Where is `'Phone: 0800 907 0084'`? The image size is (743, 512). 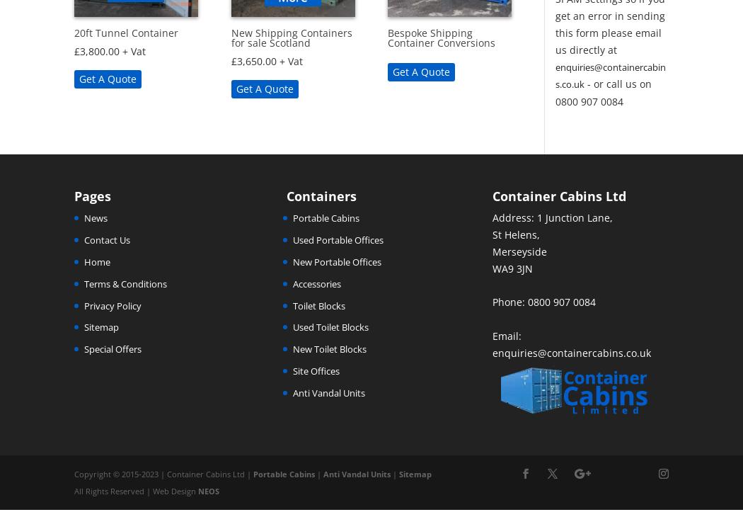 'Phone: 0800 907 0084' is located at coordinates (543, 301).